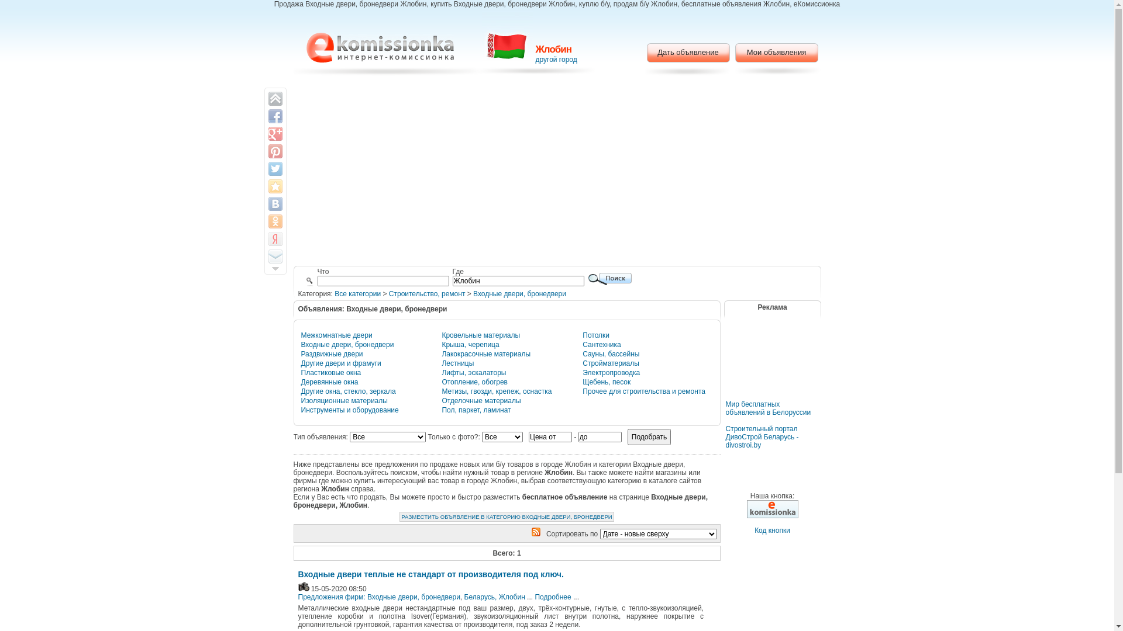  Describe the element at coordinates (274, 169) in the screenshot. I see `'Share on Twitter'` at that location.